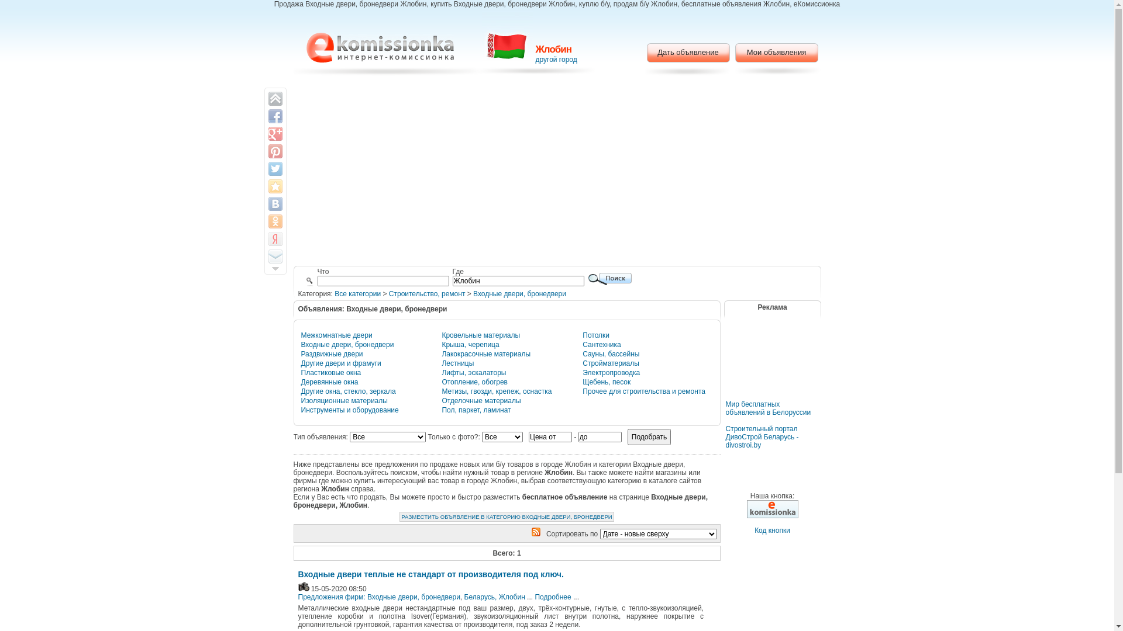  Describe the element at coordinates (274, 169) in the screenshot. I see `'Share on Twitter'` at that location.